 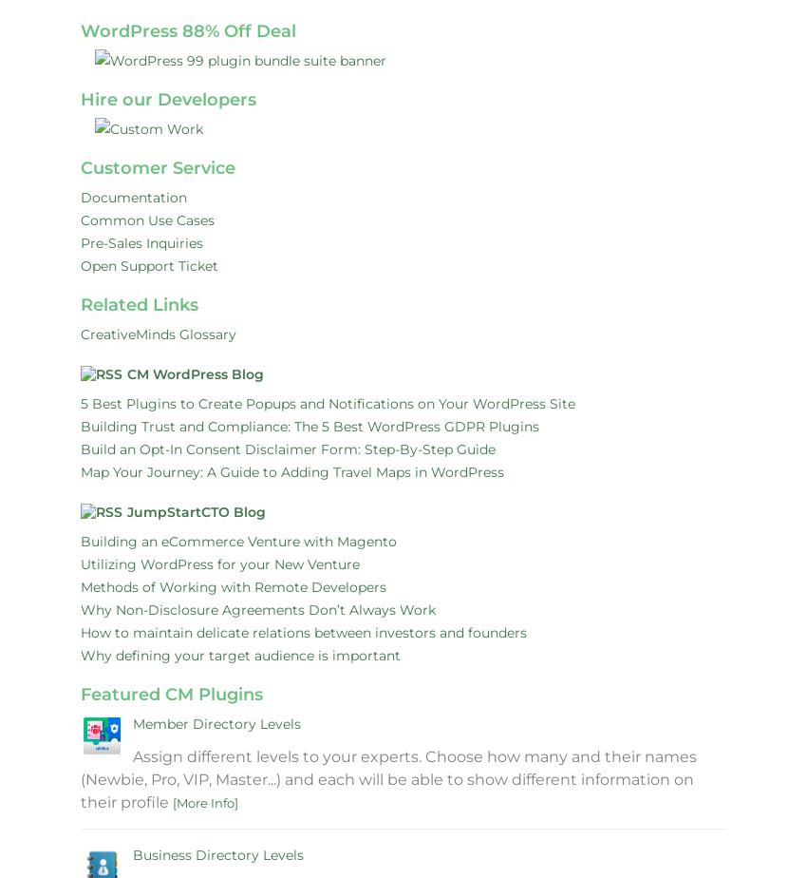 What do you see at coordinates (167, 99) in the screenshot?
I see `'Hire our Developers'` at bounding box center [167, 99].